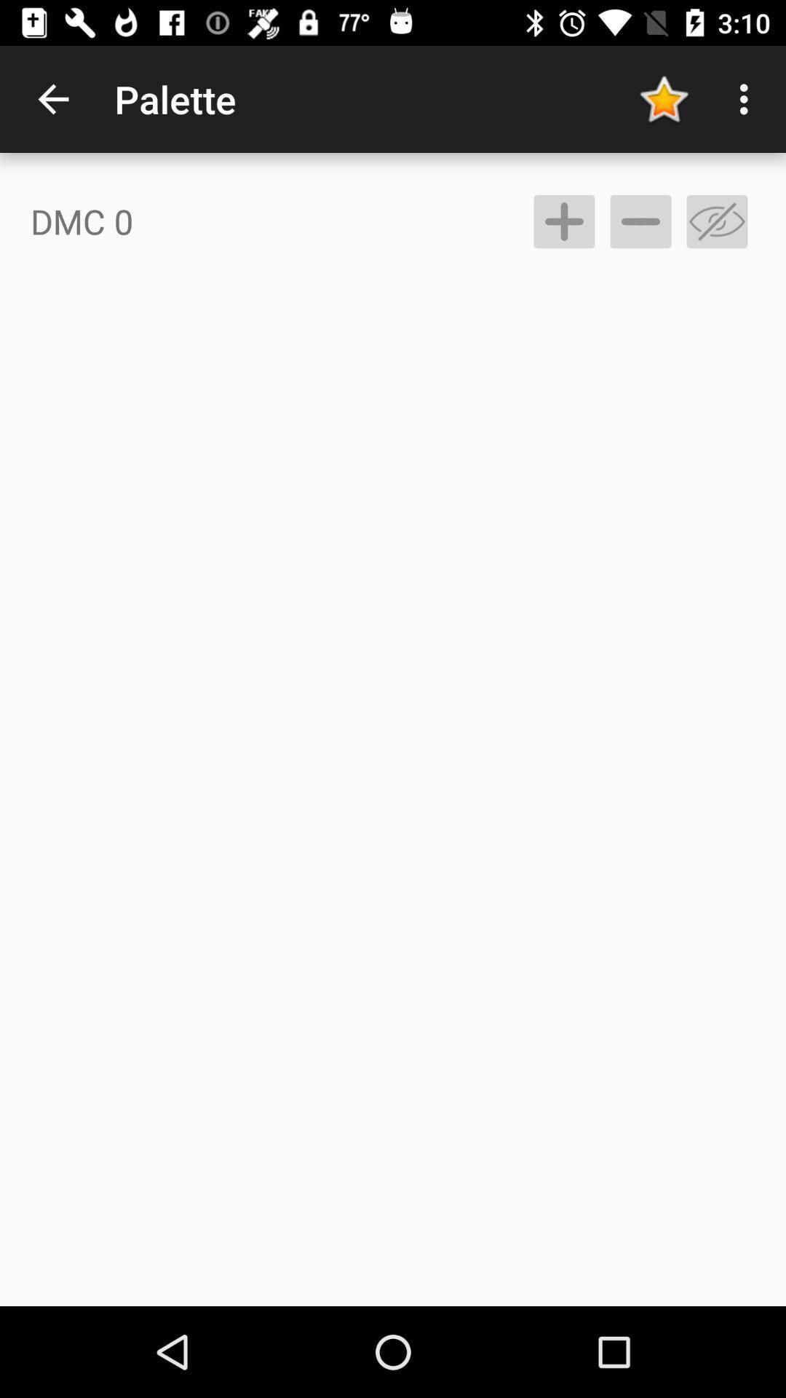 The image size is (786, 1398). Describe the element at coordinates (563, 221) in the screenshot. I see `more` at that location.